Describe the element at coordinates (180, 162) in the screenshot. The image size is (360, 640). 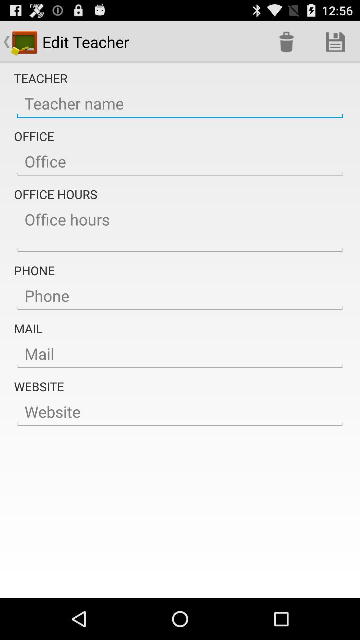
I see `type the office` at that location.